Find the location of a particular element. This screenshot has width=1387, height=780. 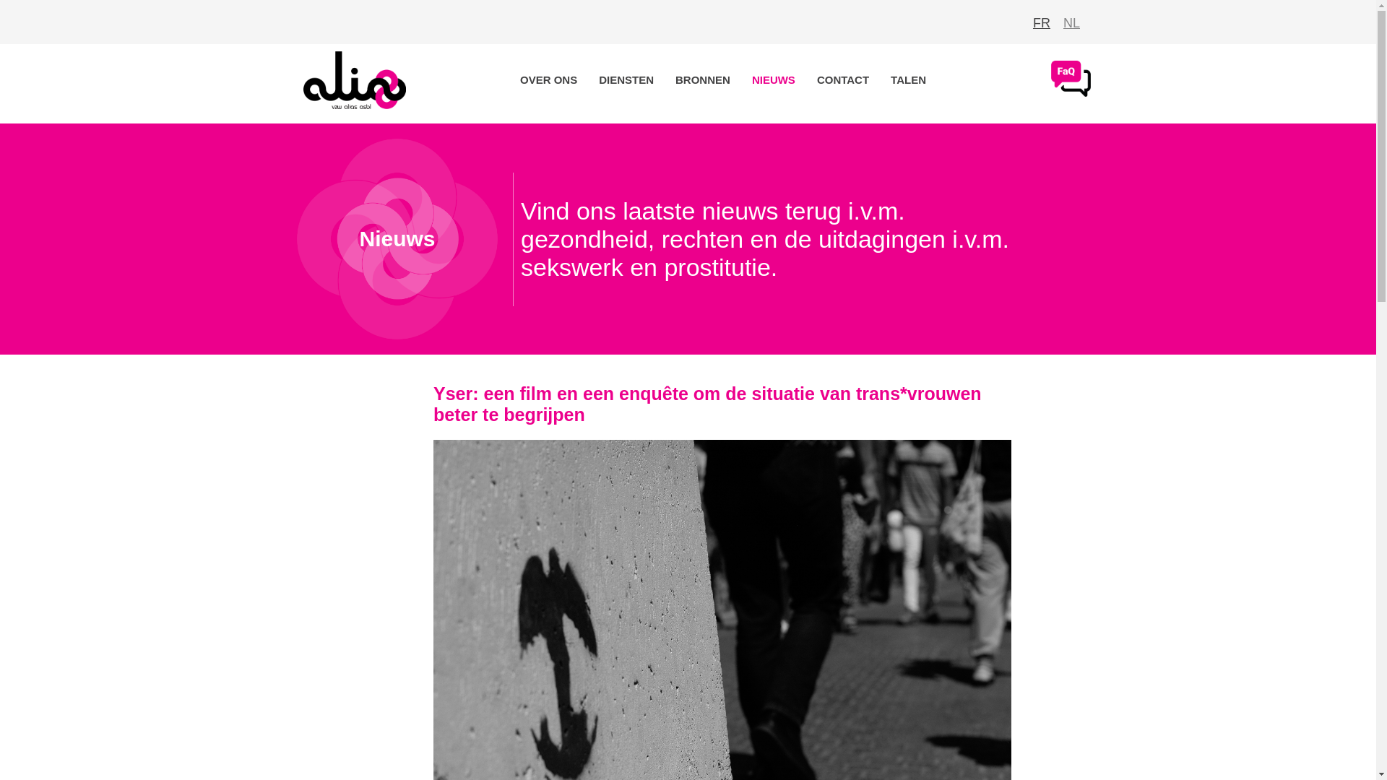

'NIEUWS' is located at coordinates (772, 79).